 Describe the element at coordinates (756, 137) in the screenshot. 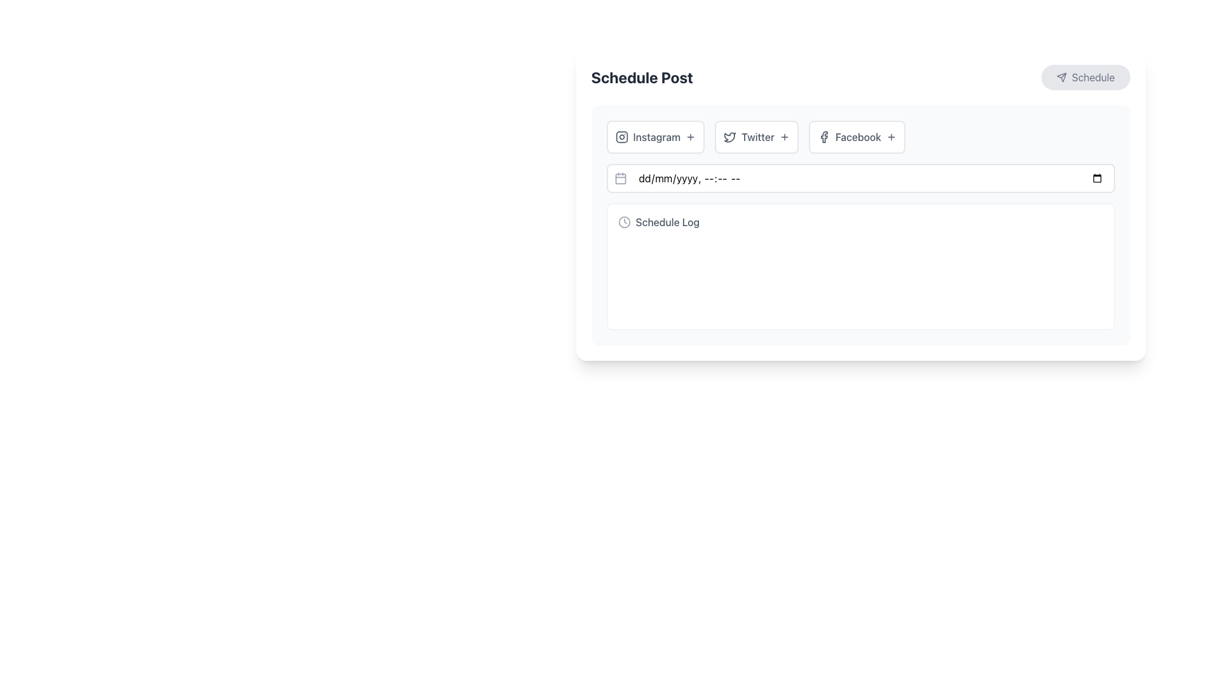

I see `the Twitter button located in the middle section of the horizontal row, specifically the second button from the left, to initiate a Twitter-related interaction` at that location.